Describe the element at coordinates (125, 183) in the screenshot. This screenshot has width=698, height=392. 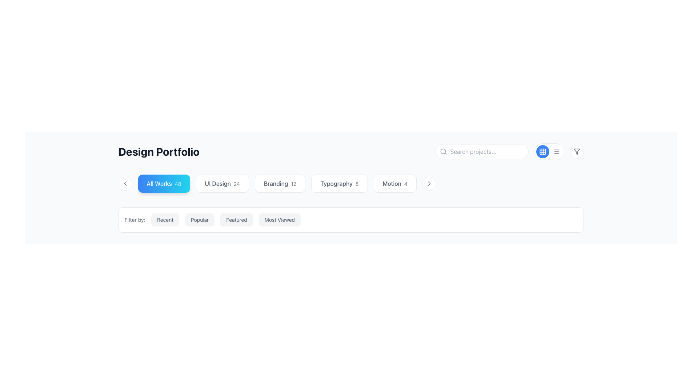
I see `the leftward-pointing chevron icon button` at that location.